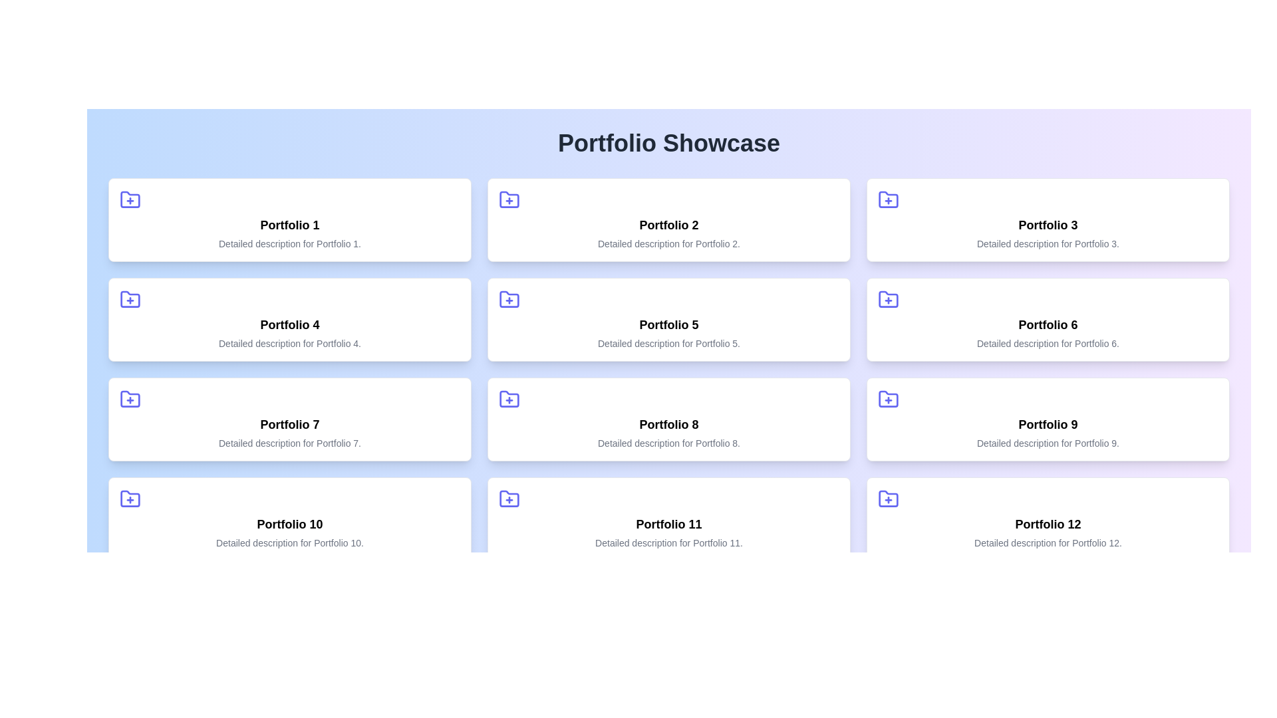  Describe the element at coordinates (669, 342) in the screenshot. I see `the text that reads 'Detailed description for Portfolio 5.' located at the bottom of the card titled 'Portfolio 5'` at that location.